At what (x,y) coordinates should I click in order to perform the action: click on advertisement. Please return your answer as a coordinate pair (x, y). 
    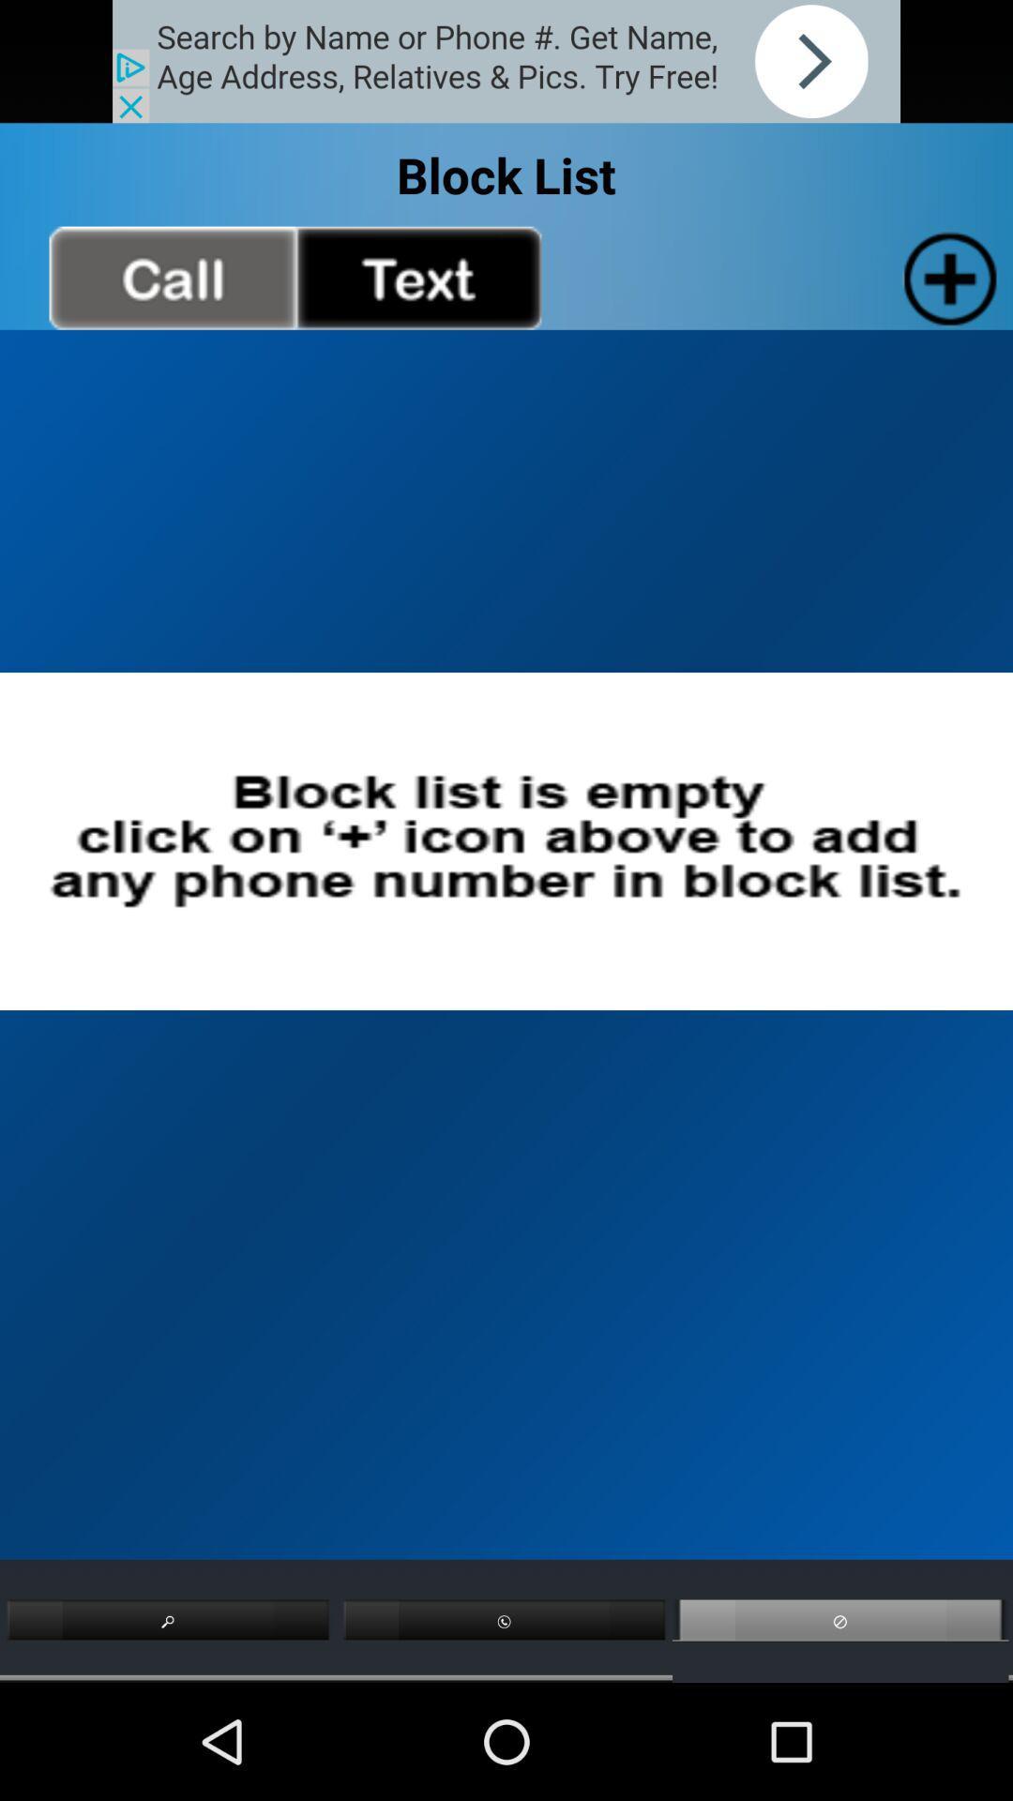
    Looking at the image, I should click on (506, 61).